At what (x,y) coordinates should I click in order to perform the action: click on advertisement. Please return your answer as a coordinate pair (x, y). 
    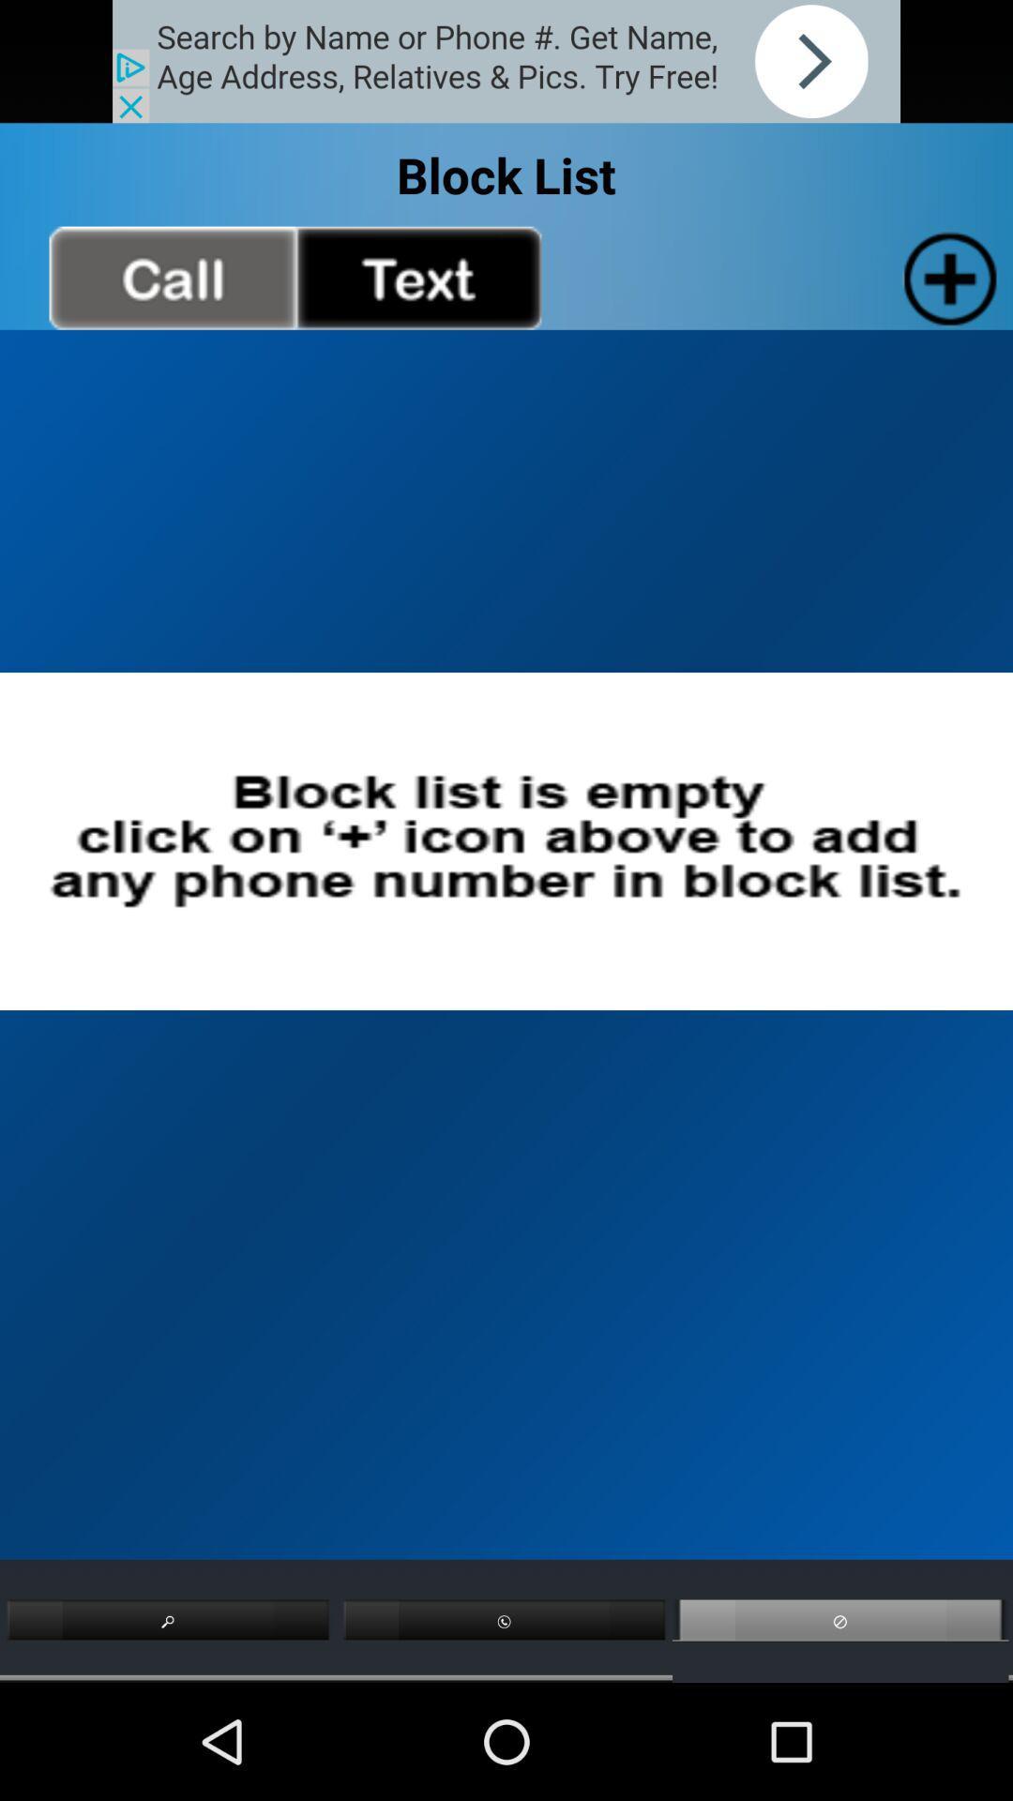
    Looking at the image, I should click on (506, 61).